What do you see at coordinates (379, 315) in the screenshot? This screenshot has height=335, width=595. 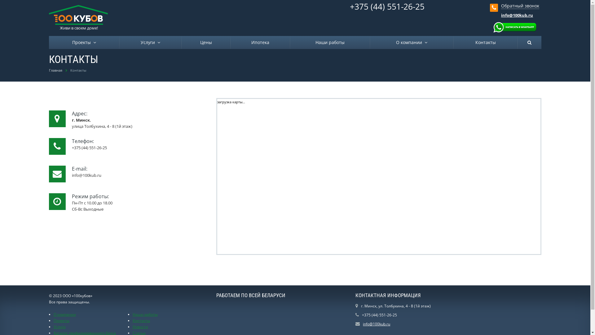 I see `'+375 (44) 551-26-25'` at bounding box center [379, 315].